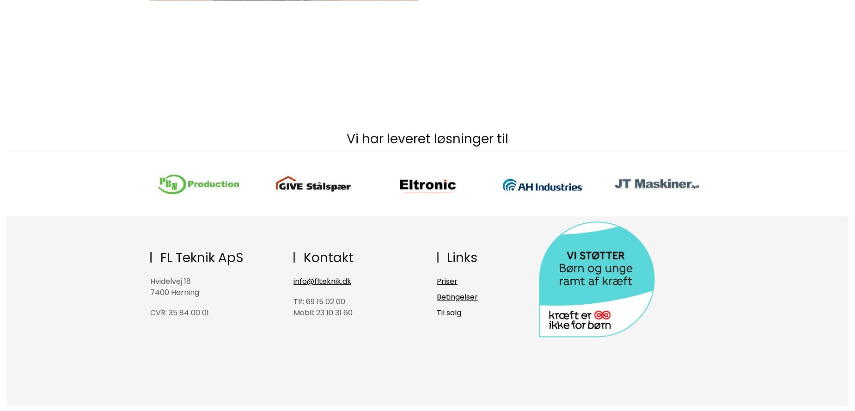 The width and height of the screenshot is (855, 411). What do you see at coordinates (448, 313) in the screenshot?
I see `'Til salg'` at bounding box center [448, 313].